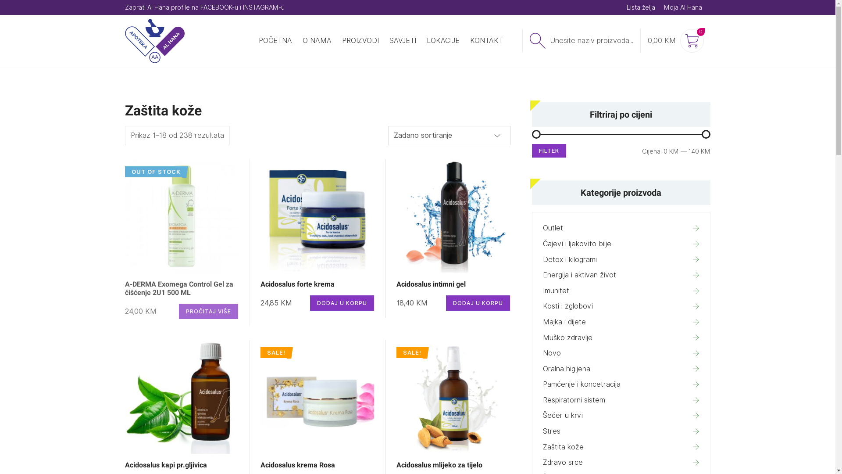 Image resolution: width=842 pixels, height=474 pixels. Describe the element at coordinates (664, 7) in the screenshot. I see `'Moja Al Hana'` at that location.